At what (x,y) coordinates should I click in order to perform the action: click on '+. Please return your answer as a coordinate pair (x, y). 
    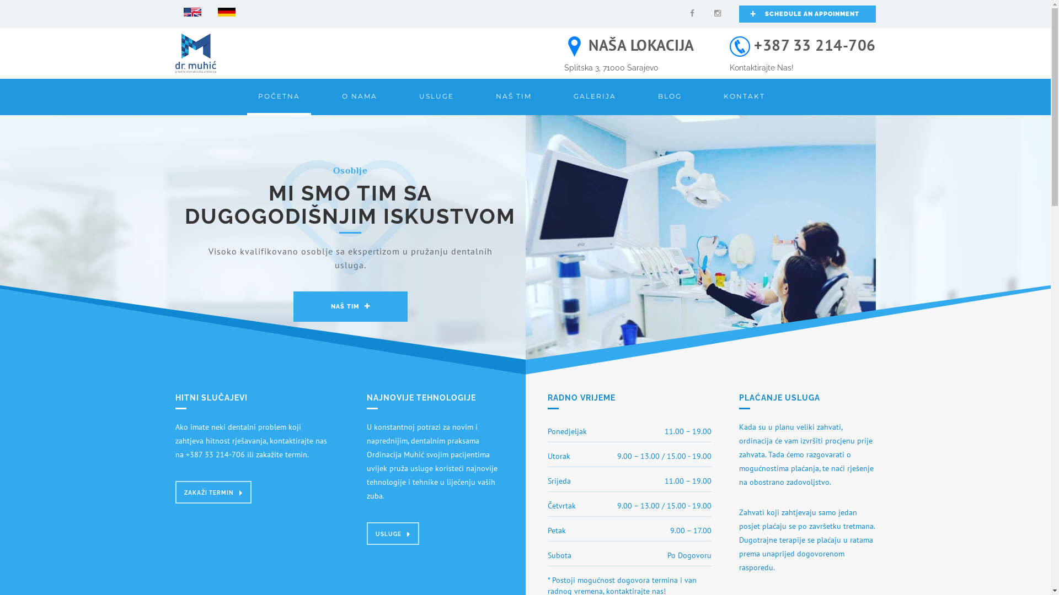
    Looking at the image, I should click on (807, 14).